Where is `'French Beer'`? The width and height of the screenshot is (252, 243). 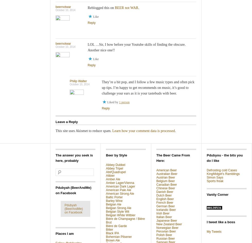
'French Beer' is located at coordinates (165, 202).